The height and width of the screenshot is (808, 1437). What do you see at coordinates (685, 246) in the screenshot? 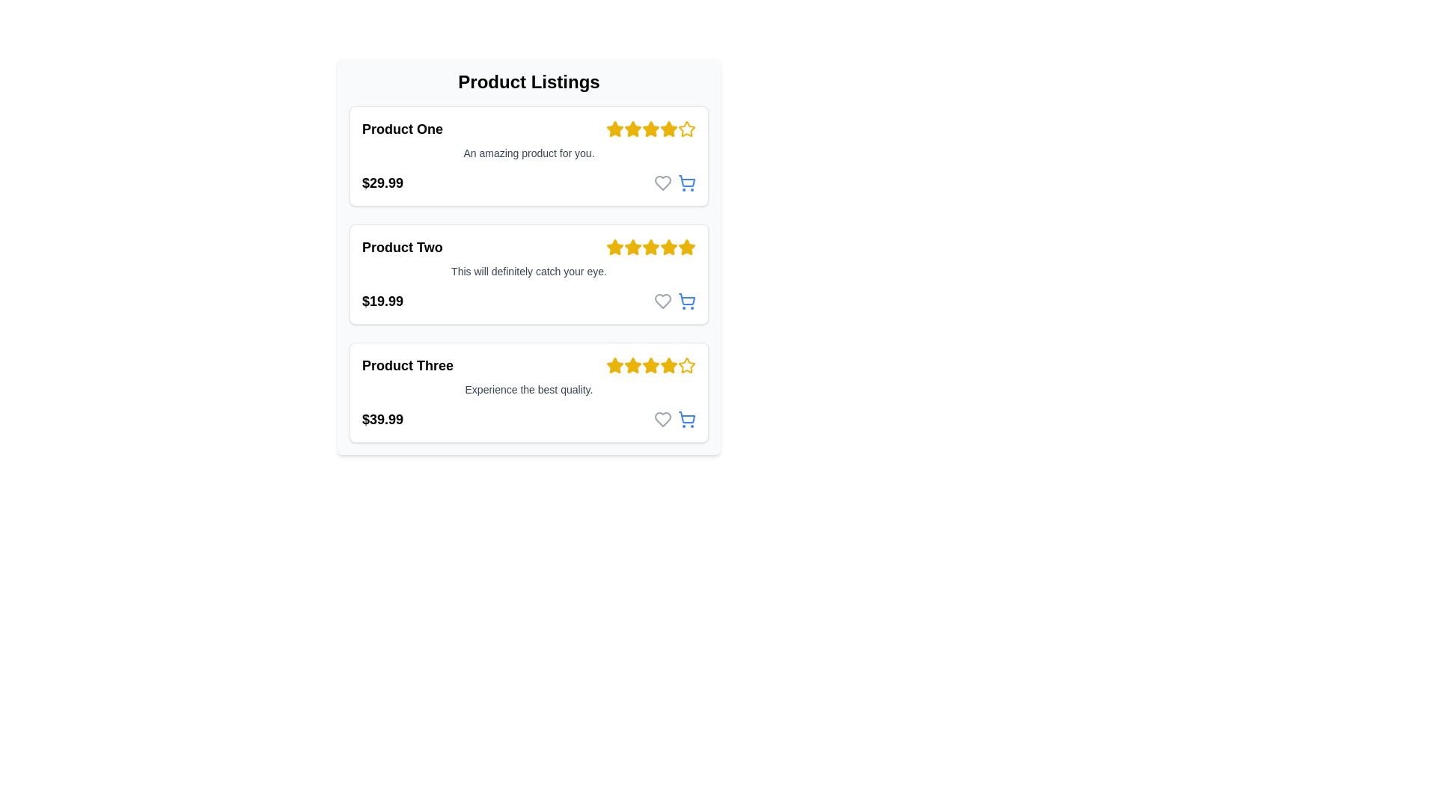
I see `the fifth golden star icon in the rating system next to the description of 'Product Two'` at bounding box center [685, 246].